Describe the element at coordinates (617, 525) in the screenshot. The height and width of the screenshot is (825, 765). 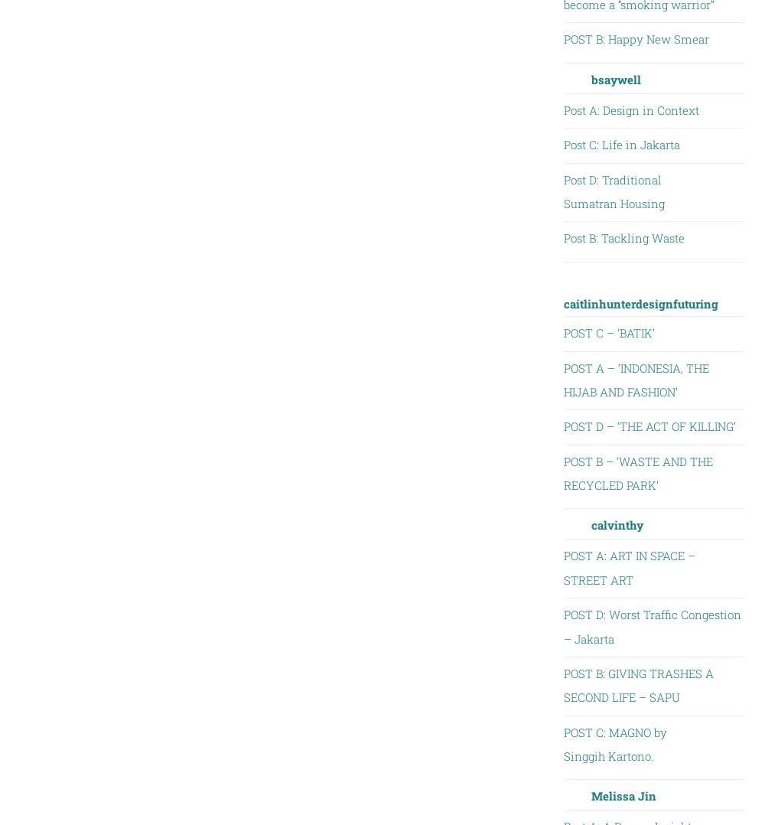
I see `'calvinthy'` at that location.